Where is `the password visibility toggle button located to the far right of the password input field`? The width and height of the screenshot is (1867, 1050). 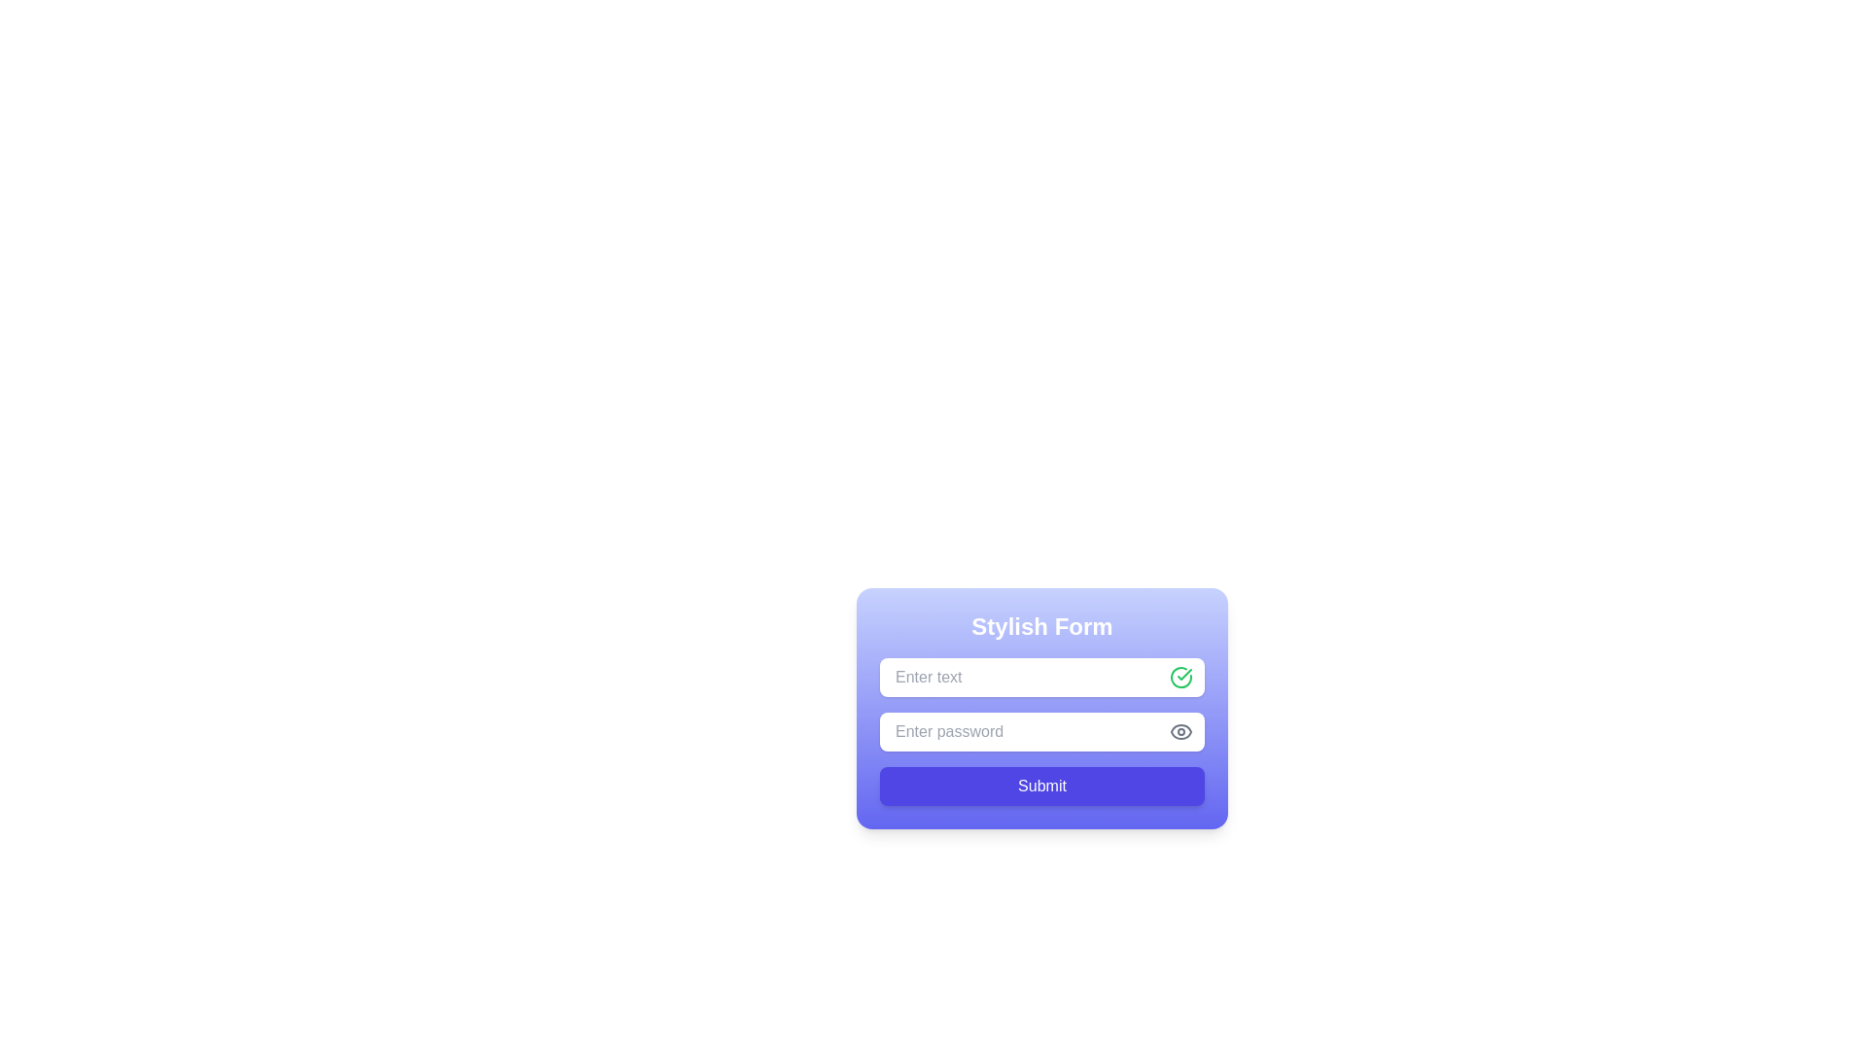 the password visibility toggle button located to the far right of the password input field is located at coordinates (1180, 731).